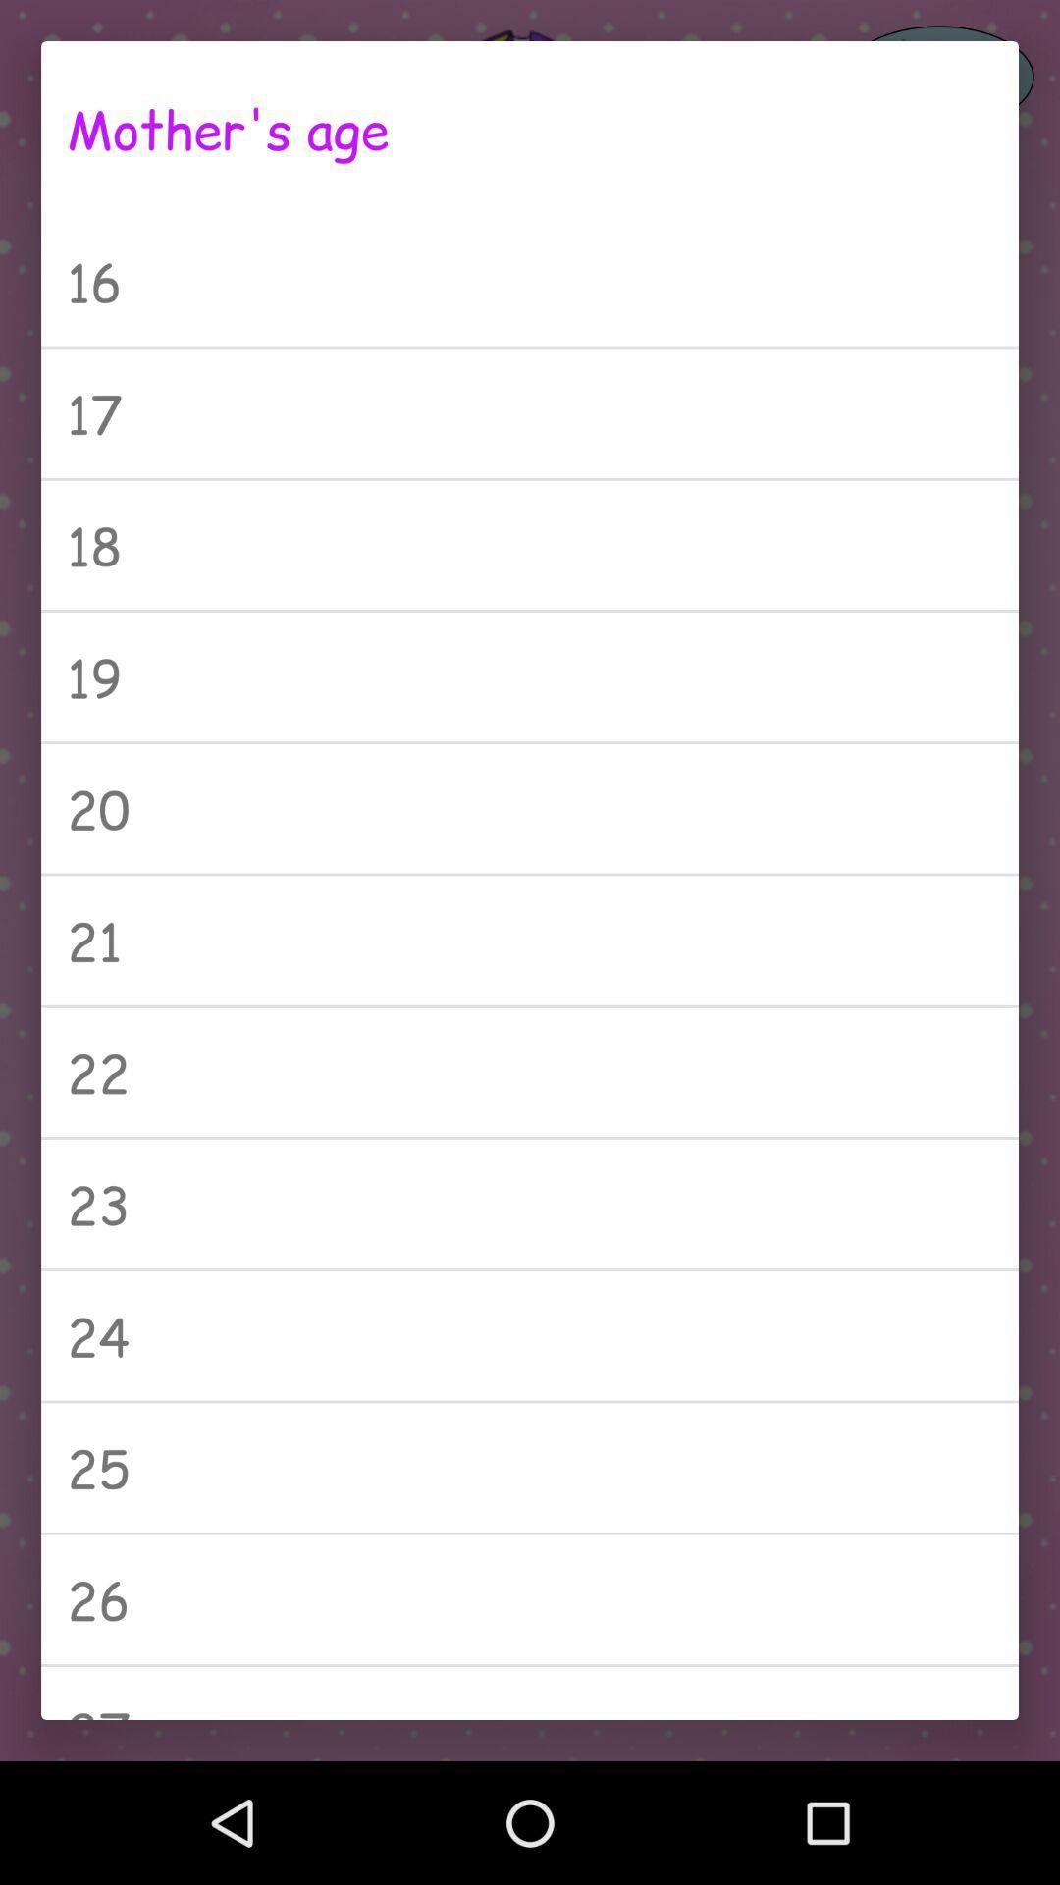  What do you see at coordinates (530, 1599) in the screenshot?
I see `the item above the 27` at bounding box center [530, 1599].